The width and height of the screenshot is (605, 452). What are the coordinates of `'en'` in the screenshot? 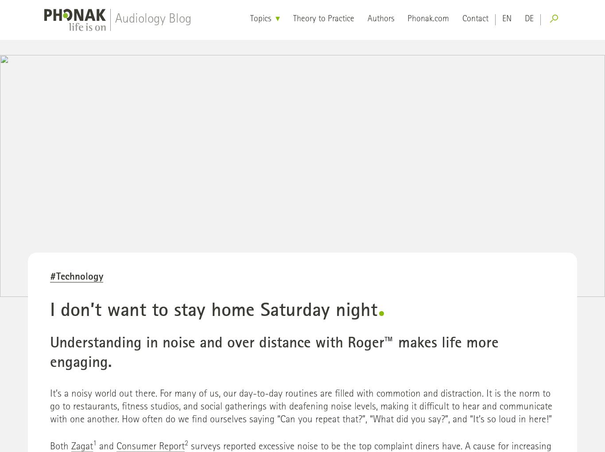 It's located at (502, 19).